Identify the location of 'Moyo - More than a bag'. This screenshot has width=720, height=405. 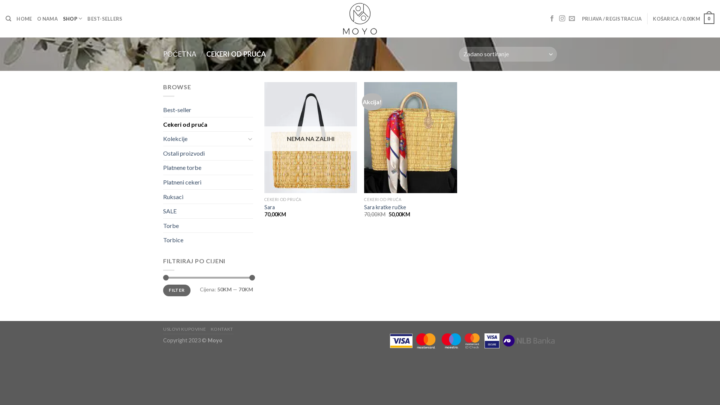
(359, 18).